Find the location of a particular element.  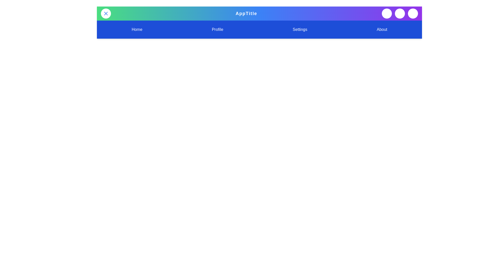

'User' button in the top-right corner of the app bar is located at coordinates (413, 13).